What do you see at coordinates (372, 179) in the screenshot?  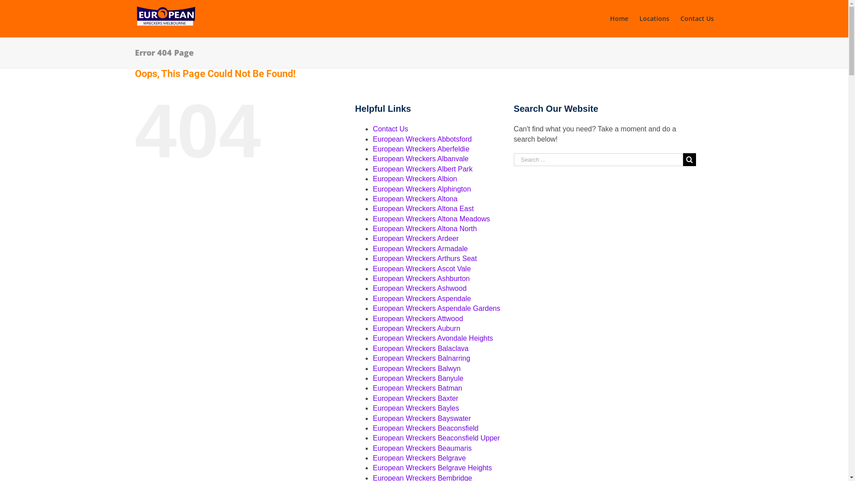 I see `'European Wreckers Albion'` at bounding box center [372, 179].